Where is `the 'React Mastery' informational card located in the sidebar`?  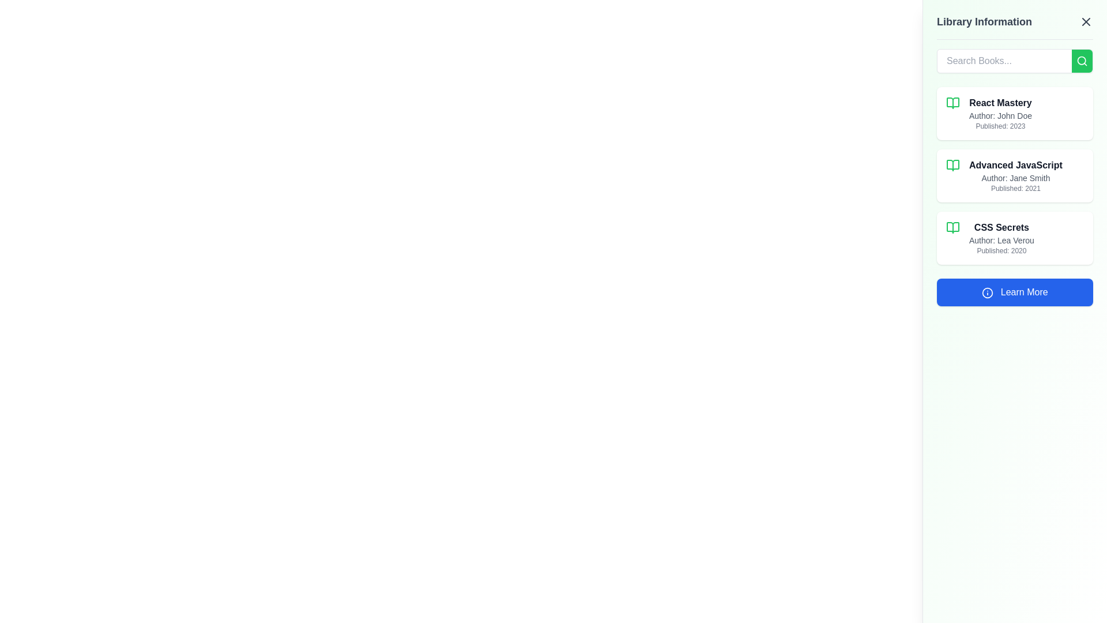
the 'React Mastery' informational card located in the sidebar is located at coordinates (1015, 113).